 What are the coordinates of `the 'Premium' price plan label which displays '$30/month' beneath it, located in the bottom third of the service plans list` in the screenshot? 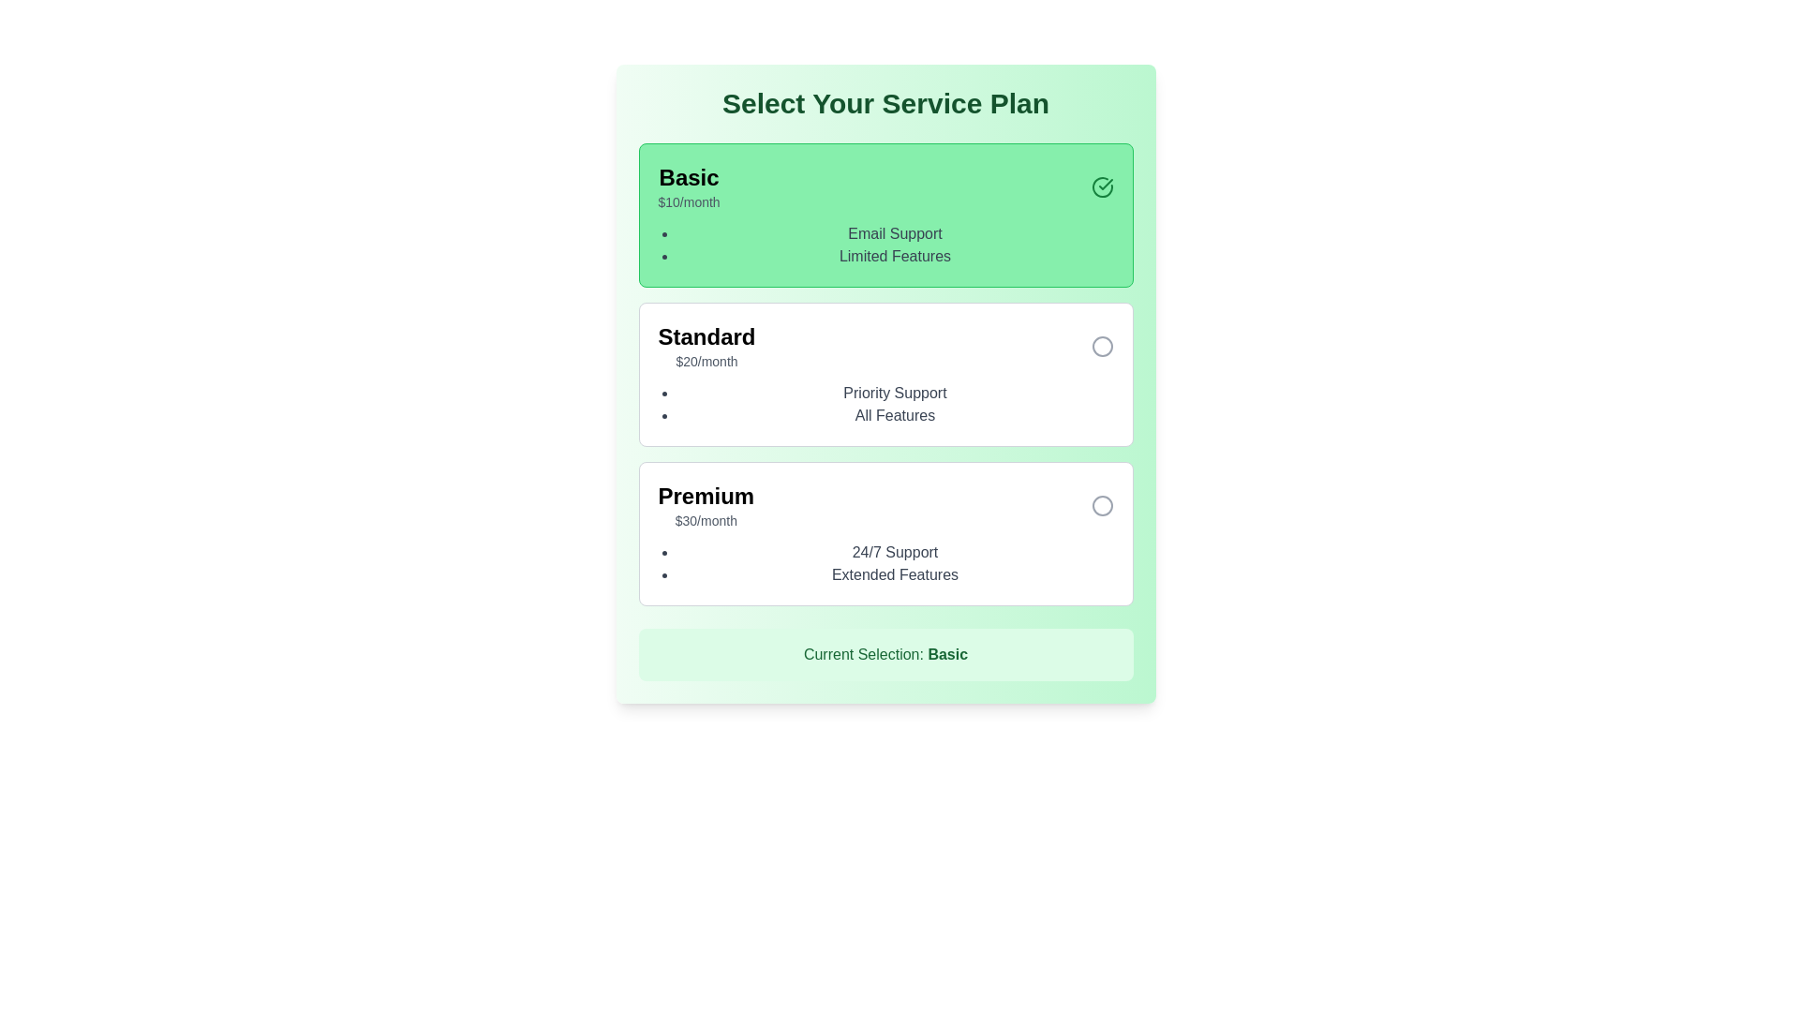 It's located at (705, 506).